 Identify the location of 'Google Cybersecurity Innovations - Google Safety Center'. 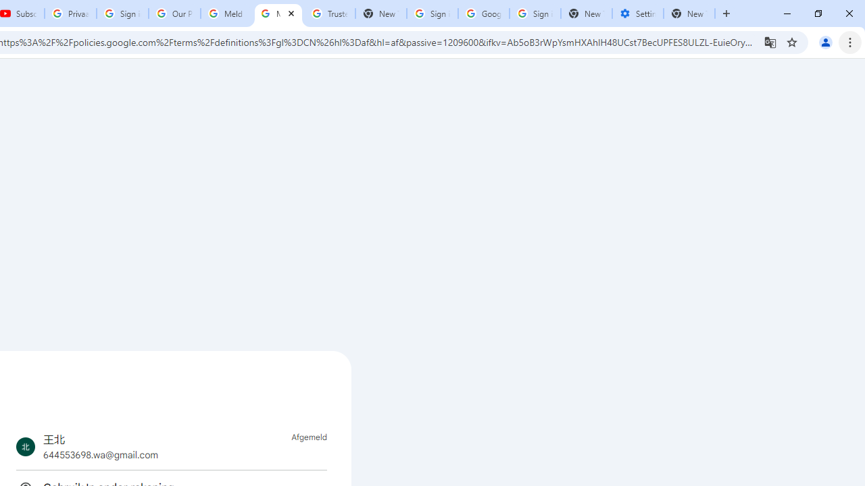
(484, 13).